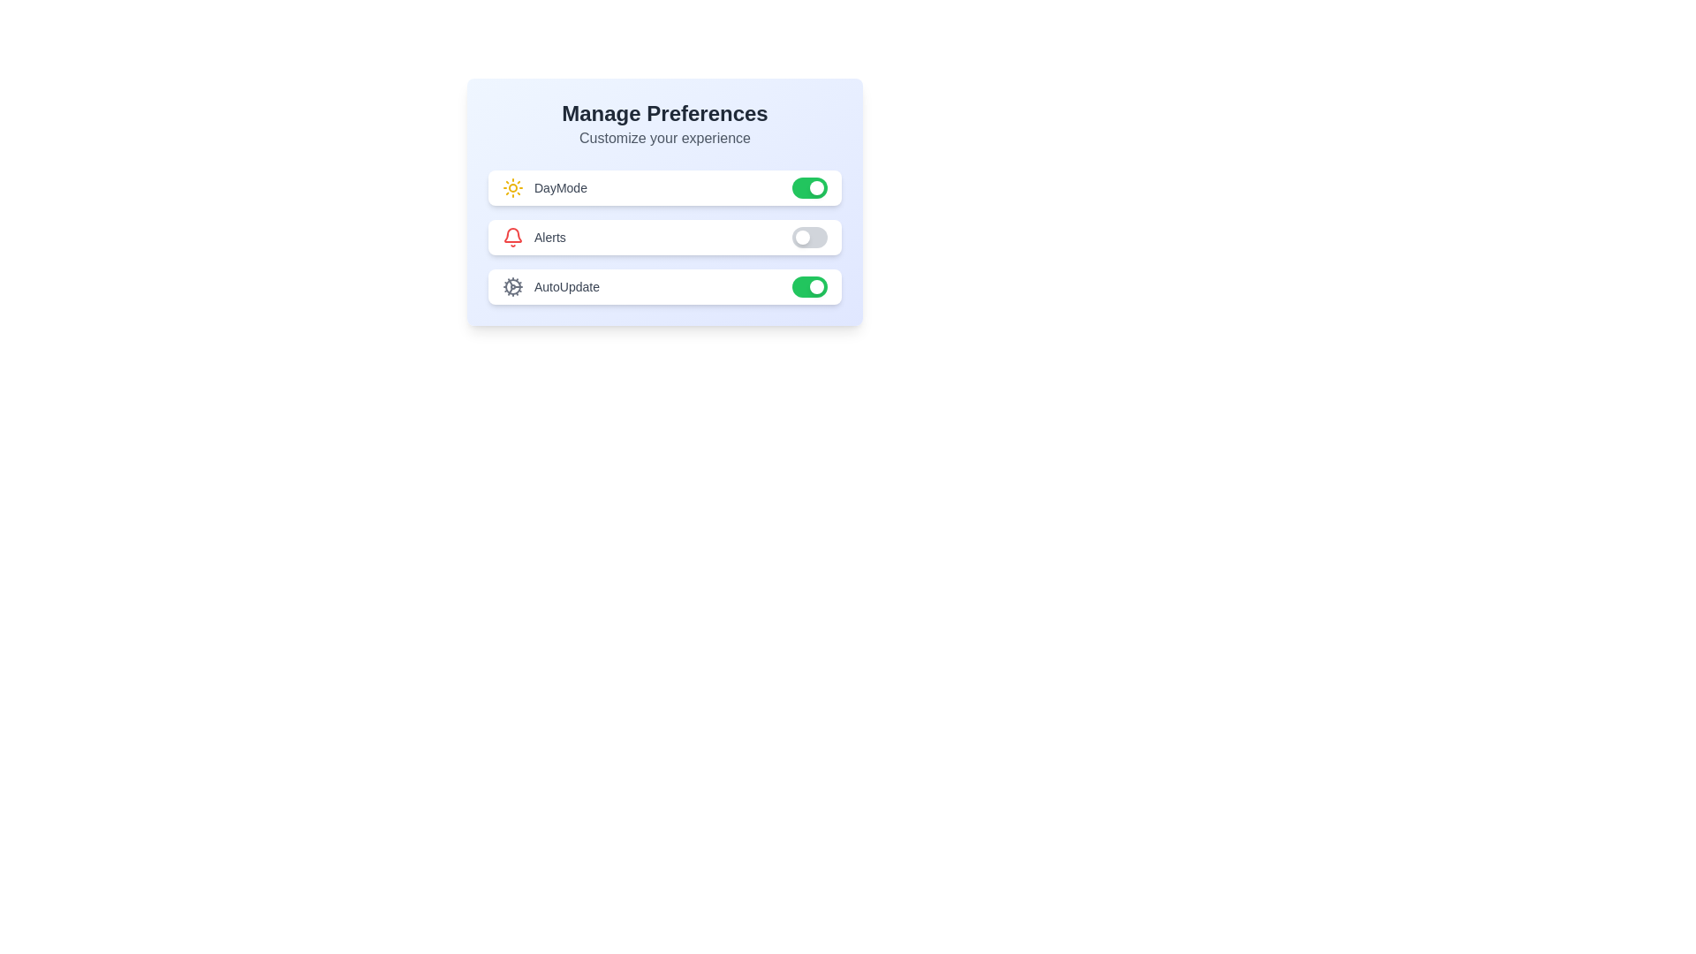 Image resolution: width=1696 pixels, height=954 pixels. Describe the element at coordinates (543, 187) in the screenshot. I see `'DayMode' label which includes a yellow sun icon and gray text, located near the top left of the preferences section` at that location.